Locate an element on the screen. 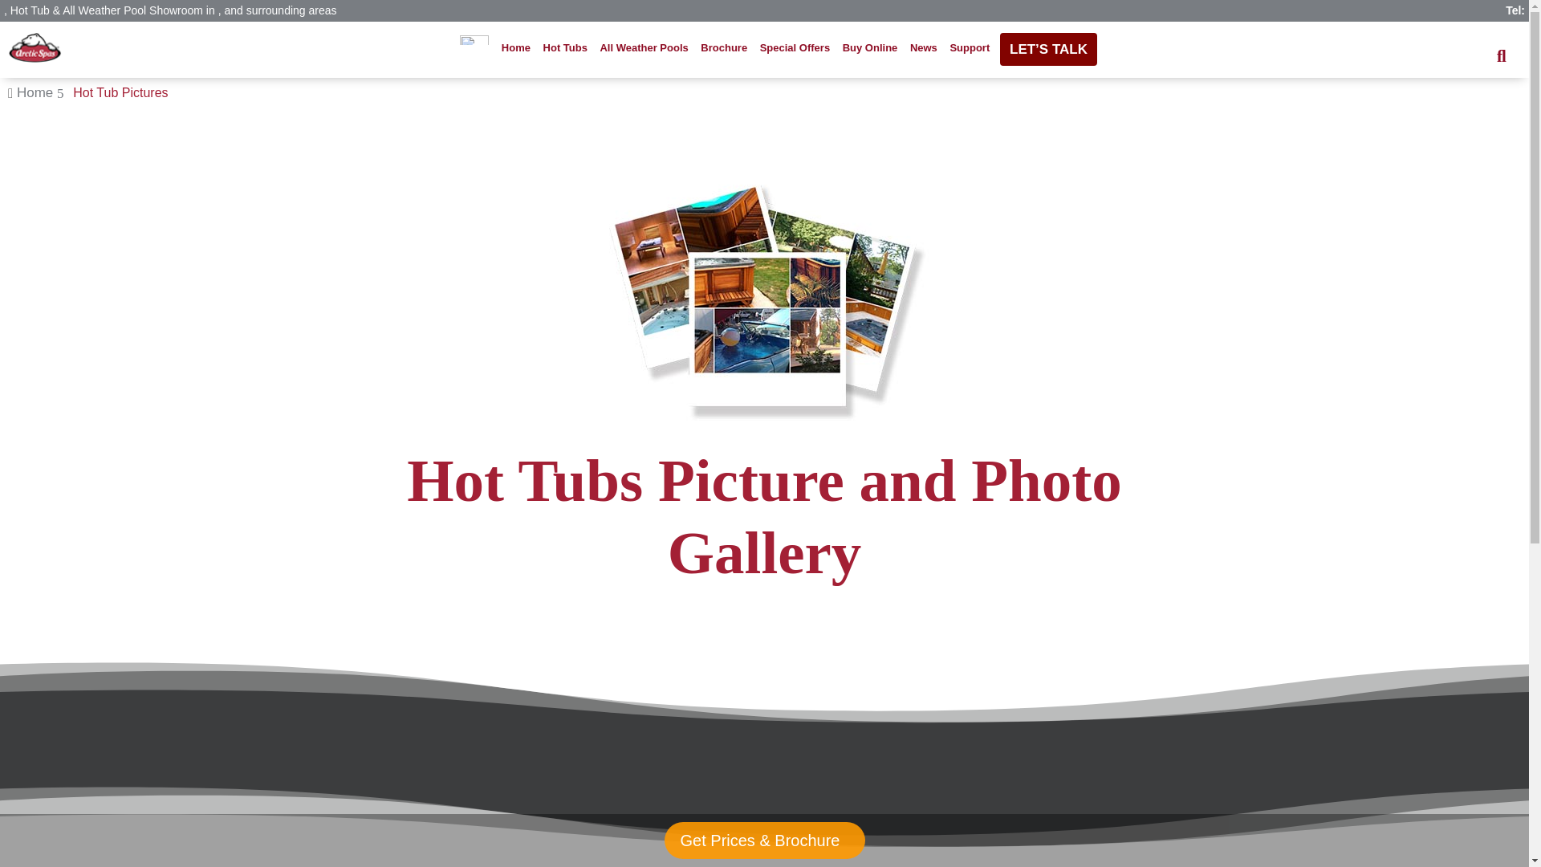  'Support' is located at coordinates (969, 47).